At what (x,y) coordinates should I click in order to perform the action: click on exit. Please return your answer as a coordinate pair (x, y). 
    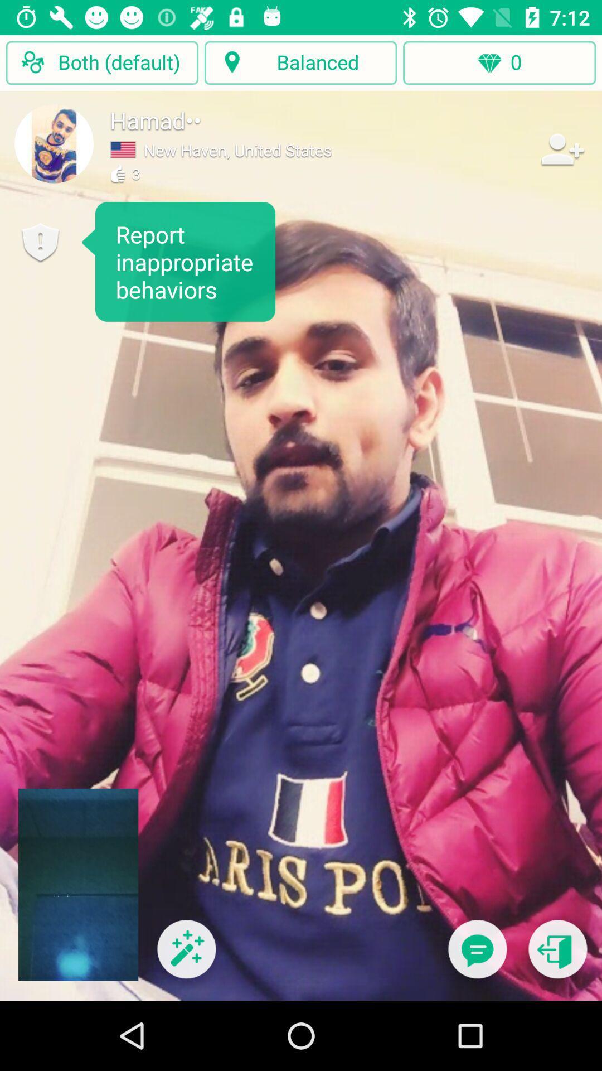
    Looking at the image, I should click on (557, 956).